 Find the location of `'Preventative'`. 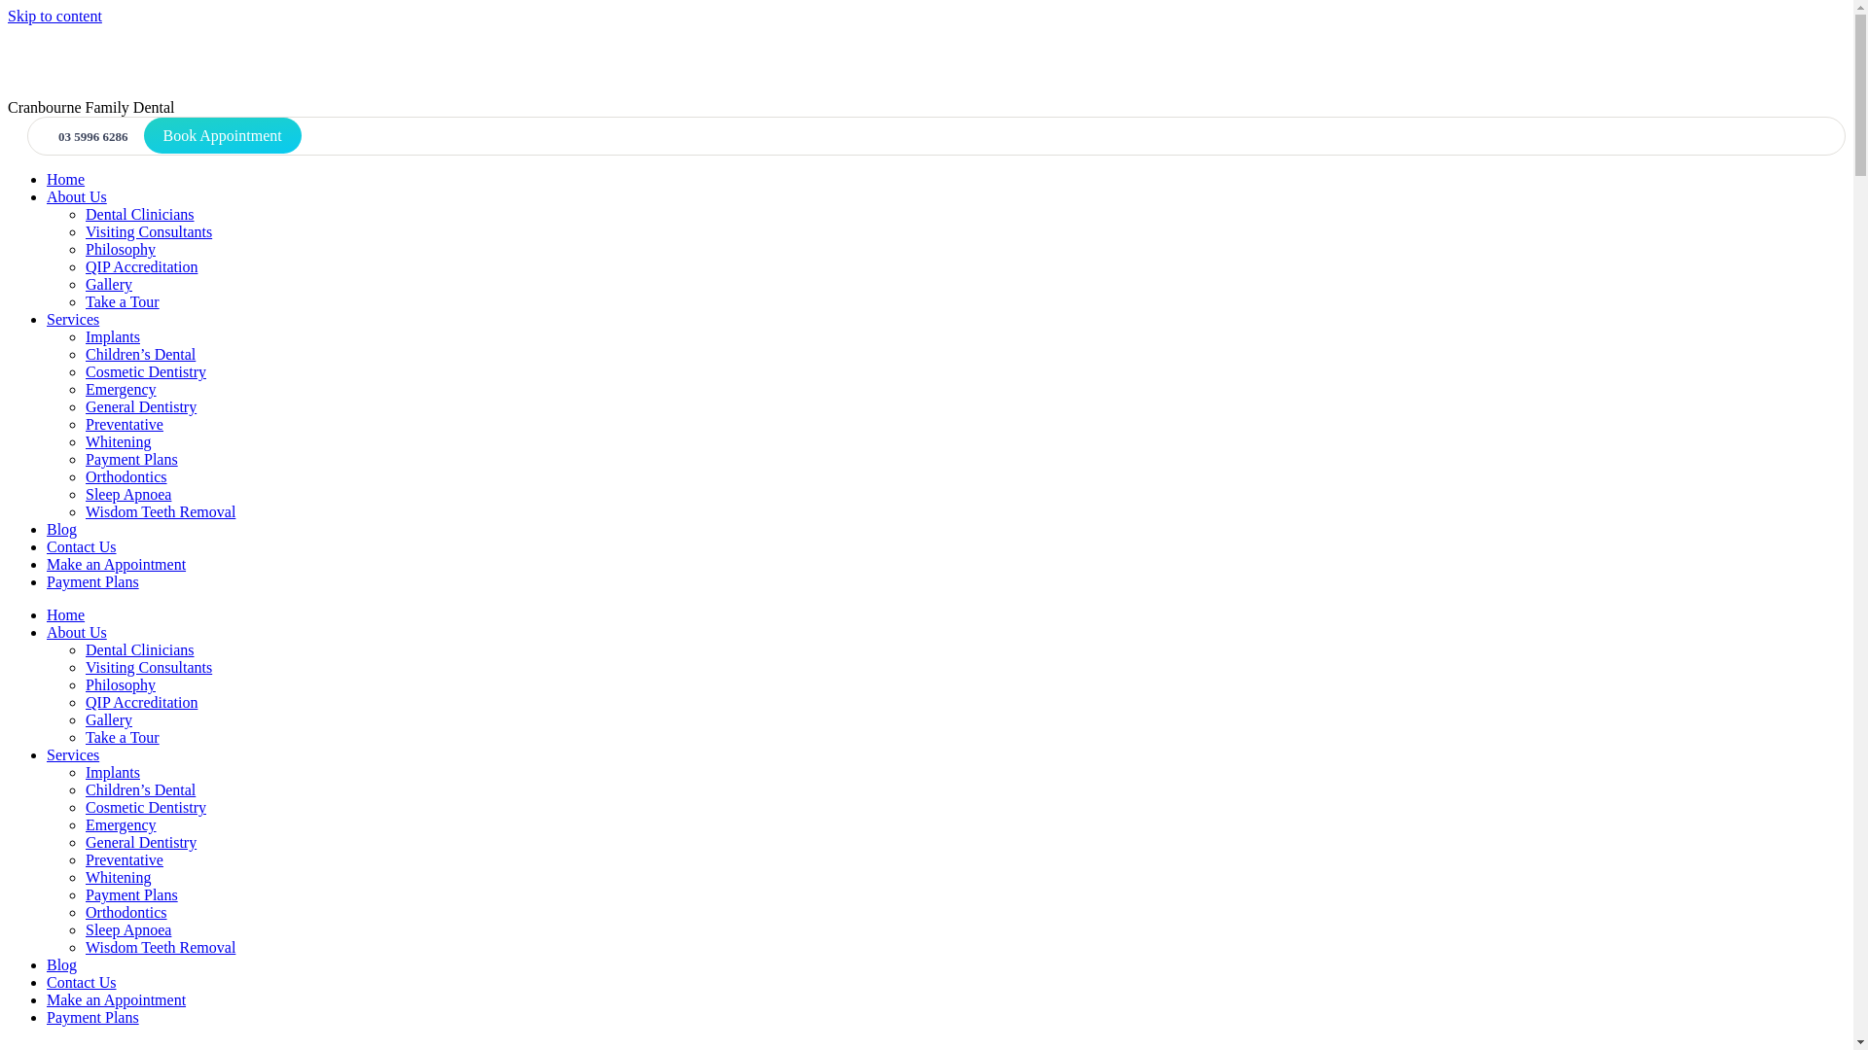

'Preventative' is located at coordinates (124, 858).